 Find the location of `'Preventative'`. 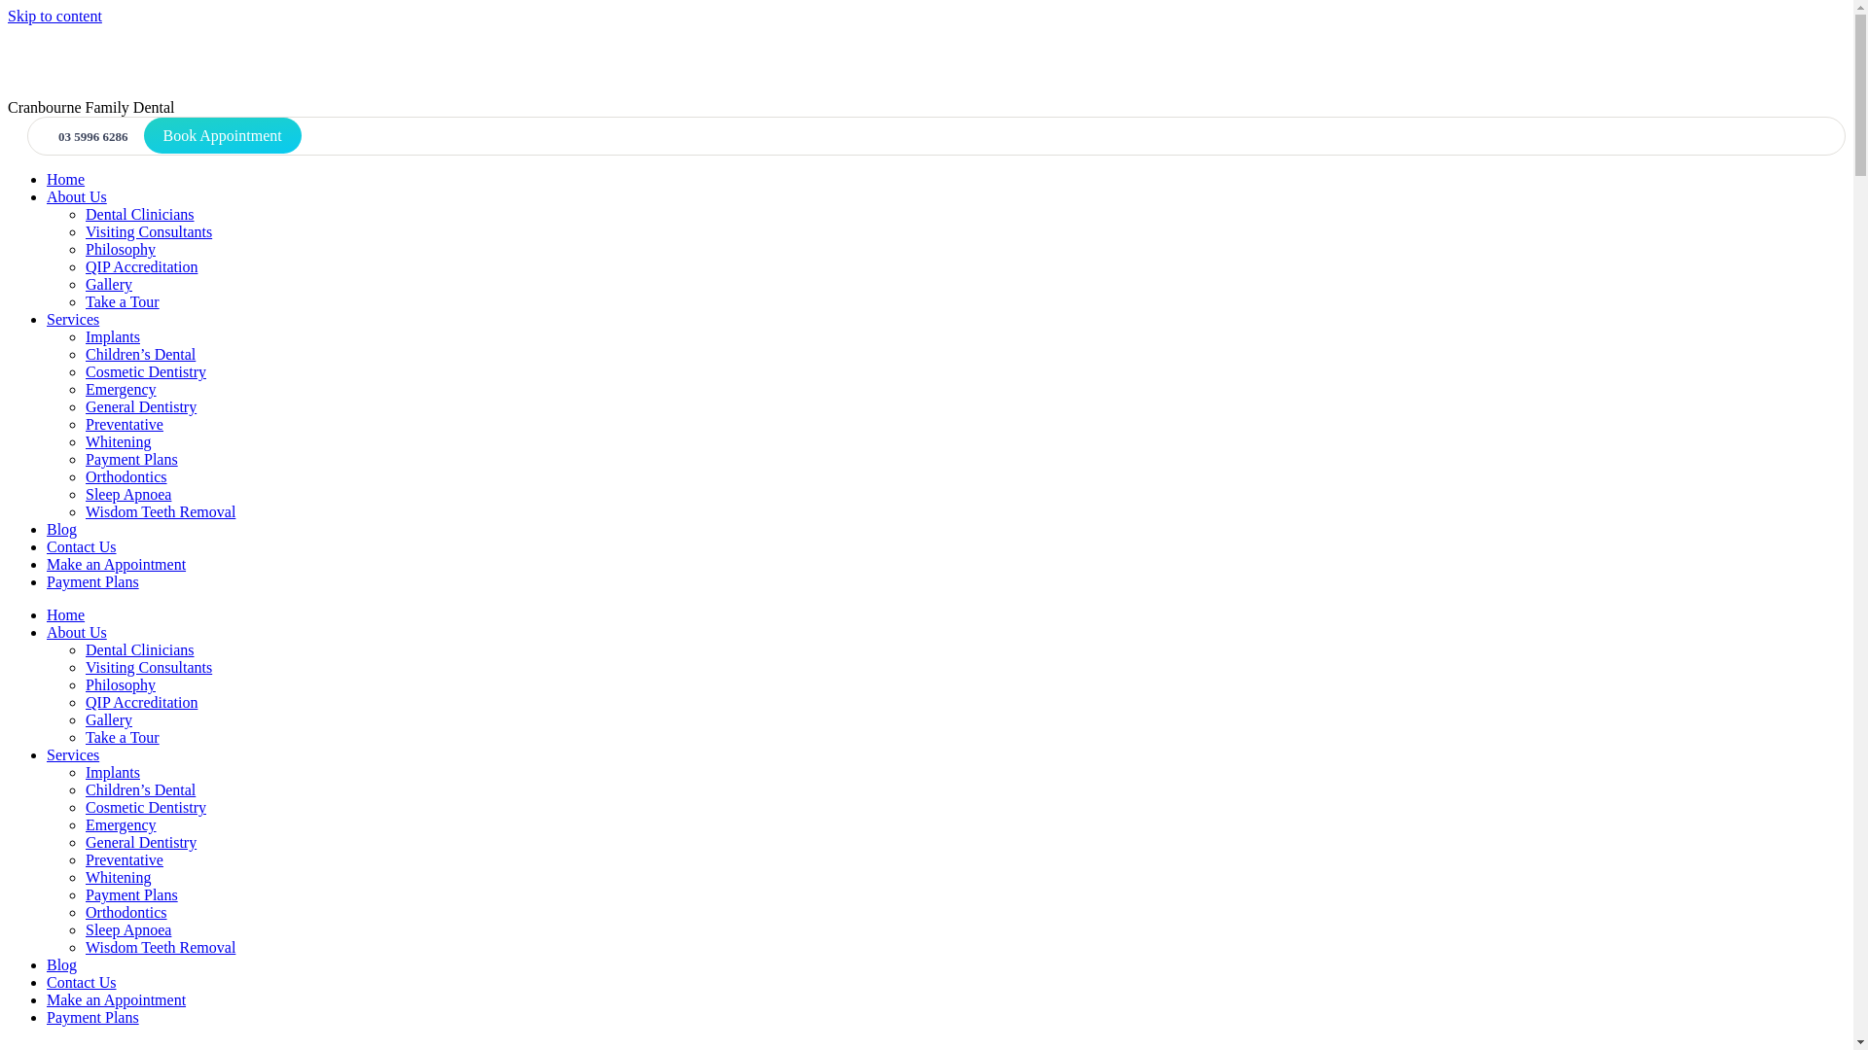

'Preventative' is located at coordinates (124, 858).